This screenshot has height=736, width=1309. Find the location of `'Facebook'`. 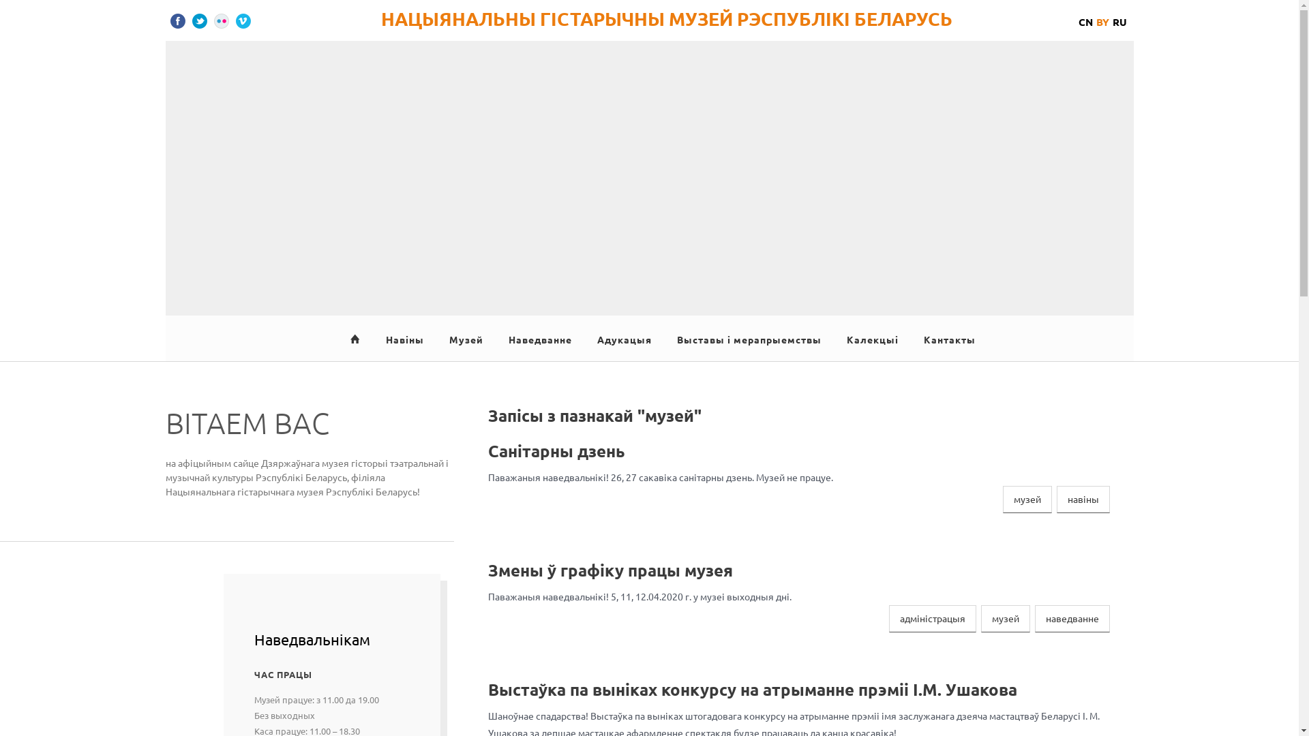

'Facebook' is located at coordinates (169, 20).